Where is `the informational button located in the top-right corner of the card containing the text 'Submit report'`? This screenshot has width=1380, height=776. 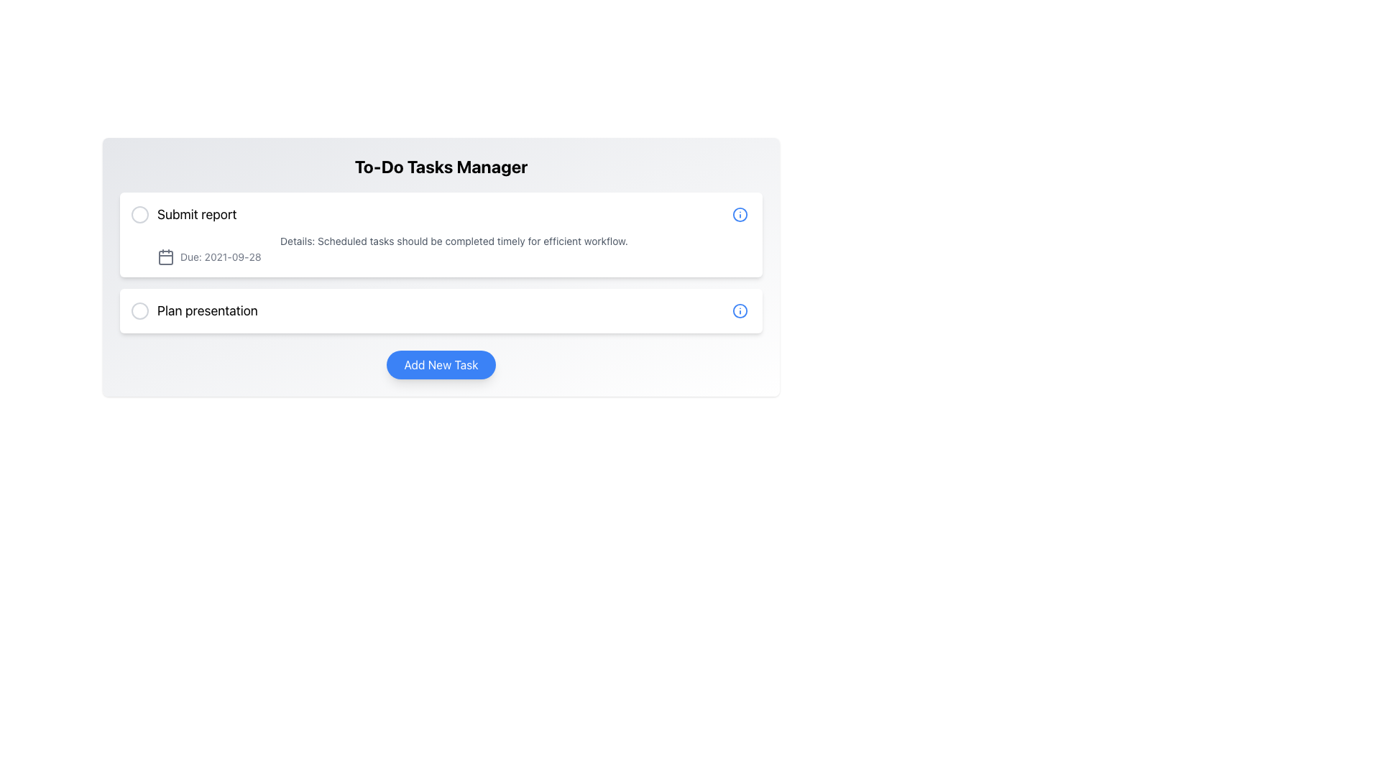
the informational button located in the top-right corner of the card containing the text 'Submit report' is located at coordinates (740, 215).